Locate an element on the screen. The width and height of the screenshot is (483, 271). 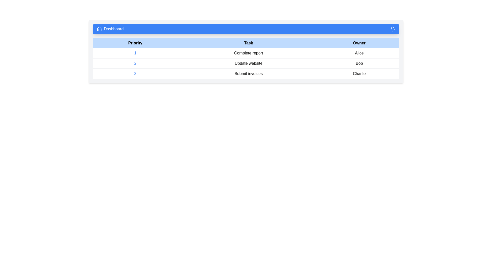
the Text Label in the third row of the table under the 'Owner' column, which is located to the right of the 'Submit invoices' text is located at coordinates (359, 74).